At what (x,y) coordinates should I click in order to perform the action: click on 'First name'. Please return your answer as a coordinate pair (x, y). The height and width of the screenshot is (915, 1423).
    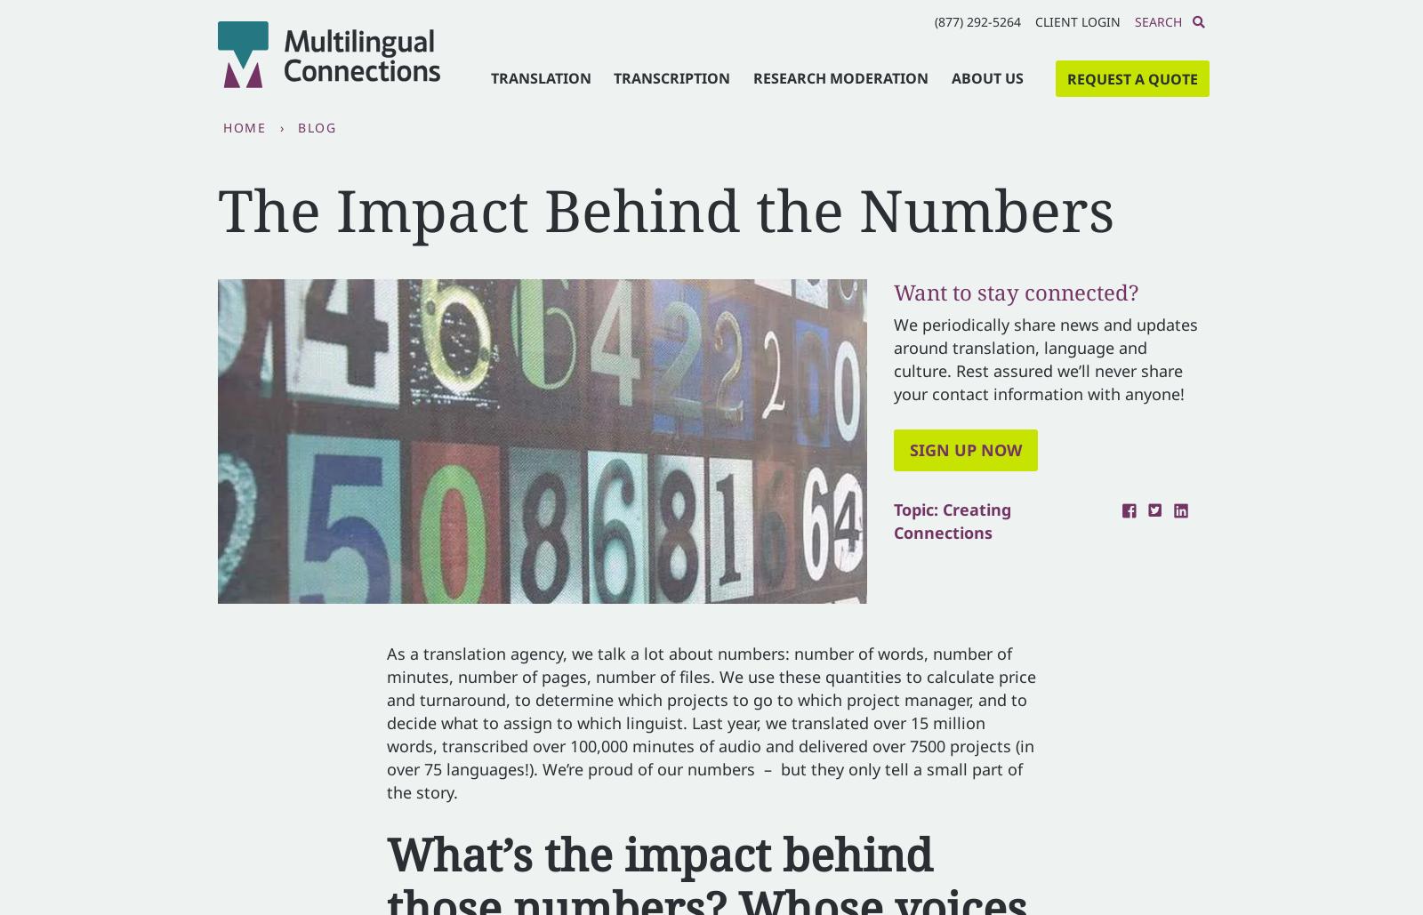
    Looking at the image, I should click on (543, 313).